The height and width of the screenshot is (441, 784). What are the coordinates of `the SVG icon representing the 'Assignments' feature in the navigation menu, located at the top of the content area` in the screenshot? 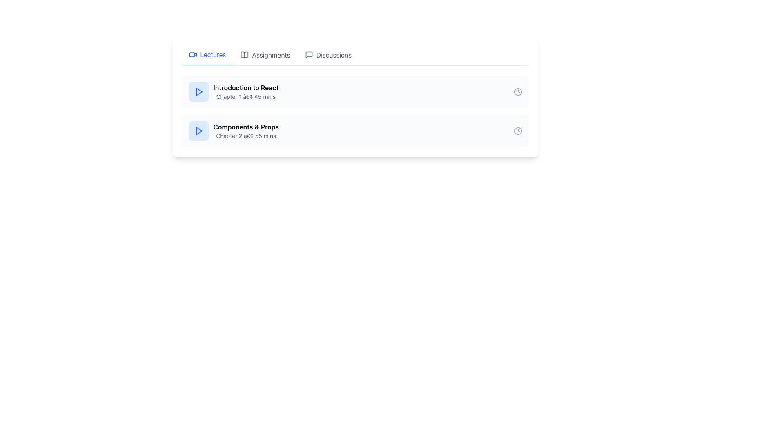 It's located at (244, 55).